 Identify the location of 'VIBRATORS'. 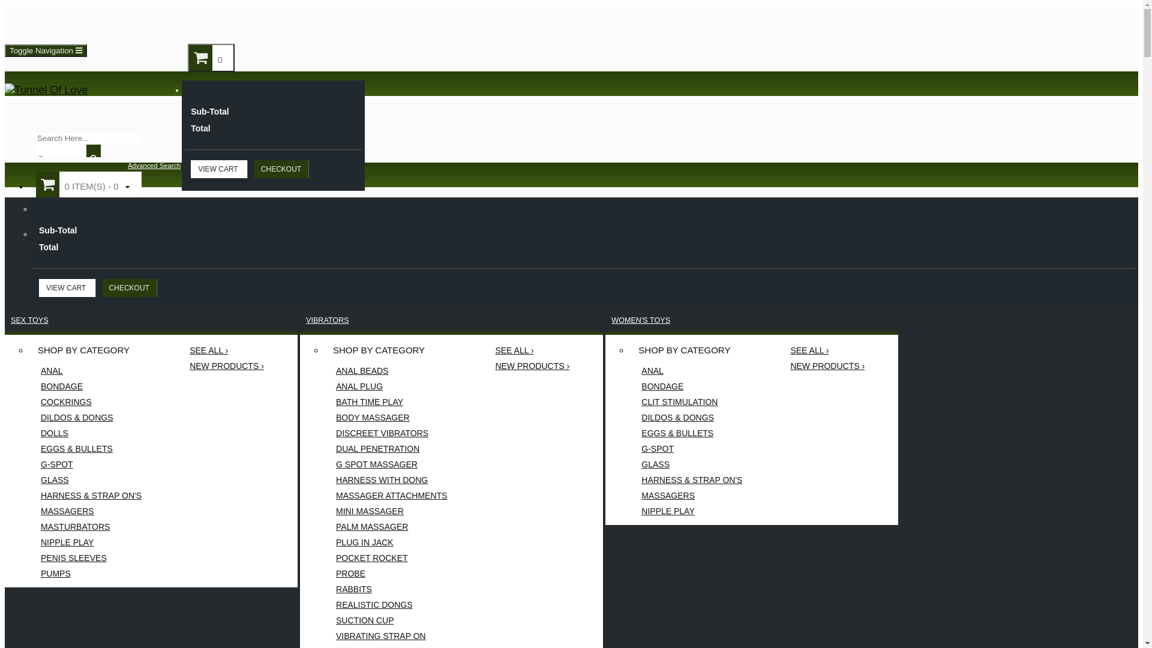
(328, 319).